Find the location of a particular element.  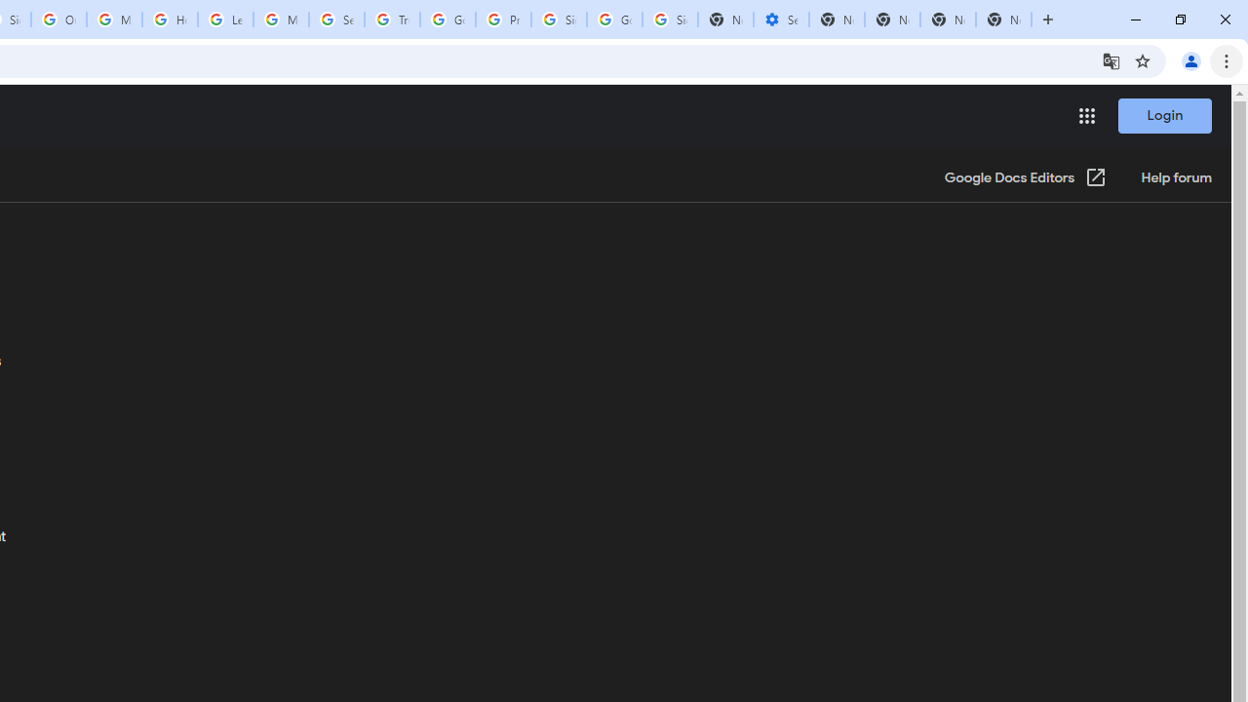

'New Tab' is located at coordinates (1003, 19).